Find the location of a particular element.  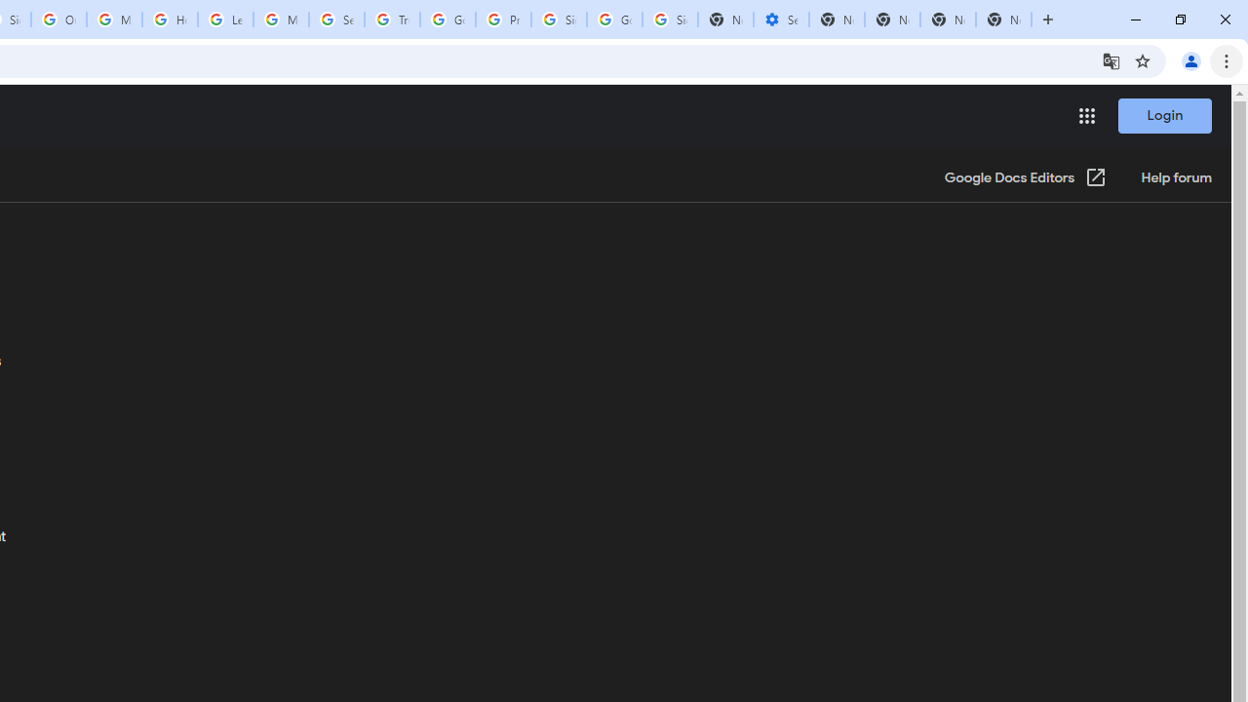

'New Tab' is located at coordinates (1003, 19).